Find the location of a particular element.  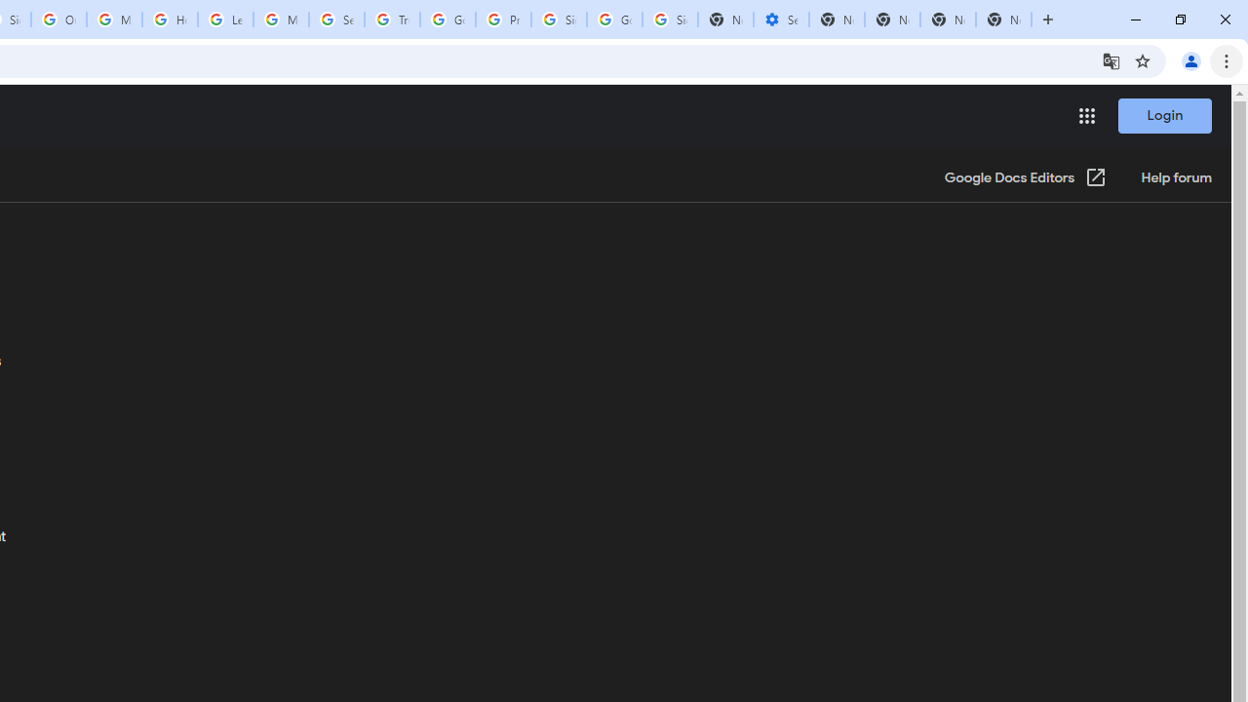

'New Tab' is located at coordinates (1003, 19).